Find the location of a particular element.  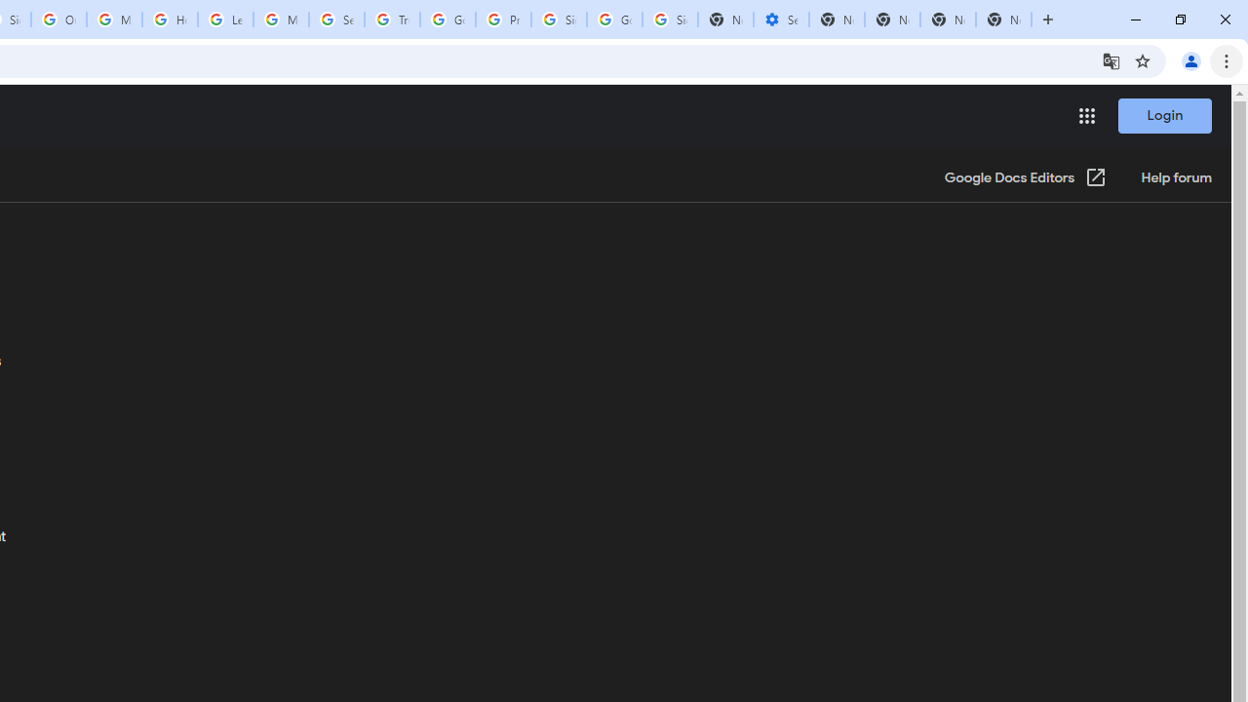

'New Tab' is located at coordinates (1003, 19).